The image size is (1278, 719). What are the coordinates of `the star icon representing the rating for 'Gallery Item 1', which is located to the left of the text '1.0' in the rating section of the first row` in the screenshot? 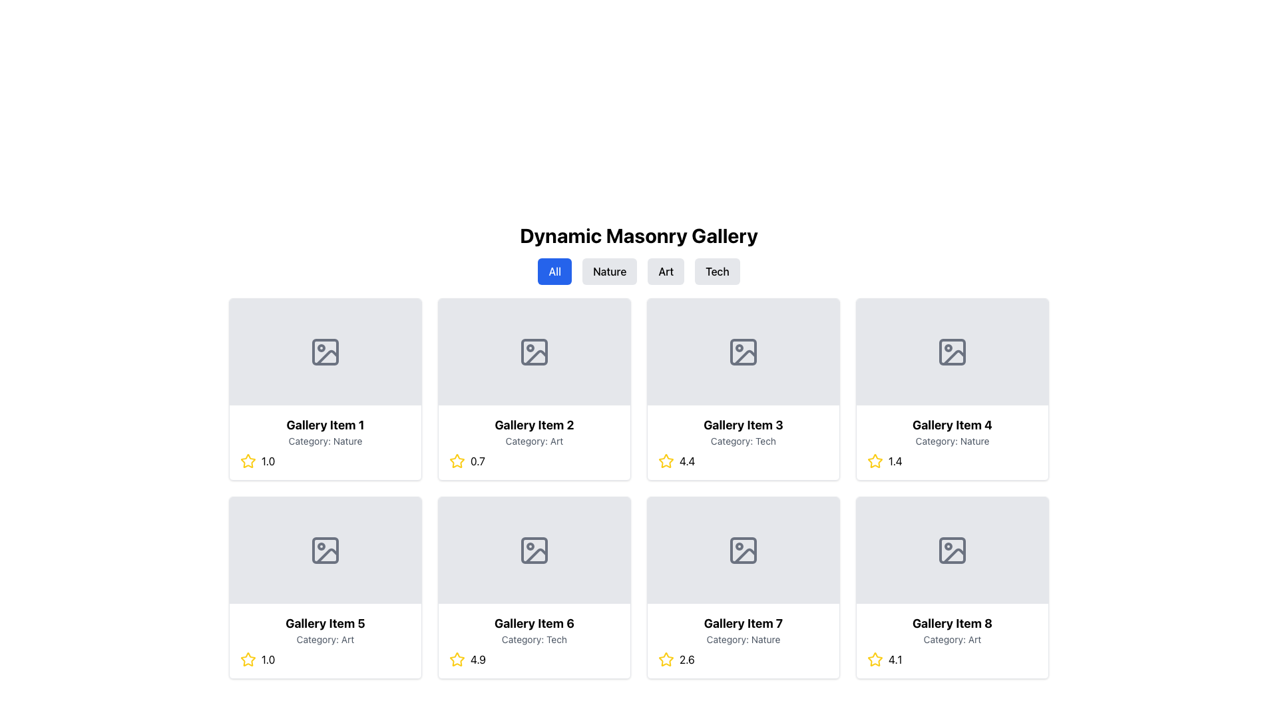 It's located at (248, 461).